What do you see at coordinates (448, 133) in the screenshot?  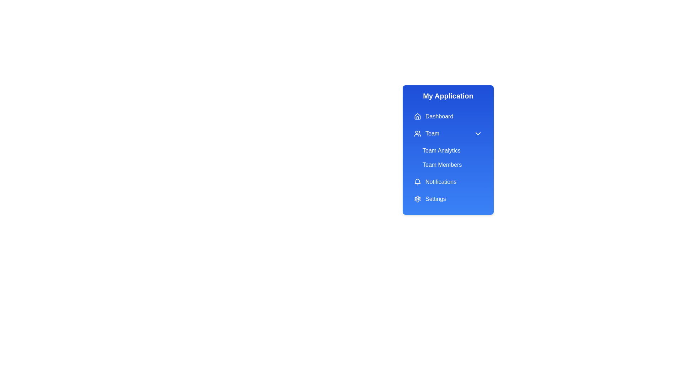 I see `the interactive dropdown menu item for the 'Team' section in the navigation menu` at bounding box center [448, 133].